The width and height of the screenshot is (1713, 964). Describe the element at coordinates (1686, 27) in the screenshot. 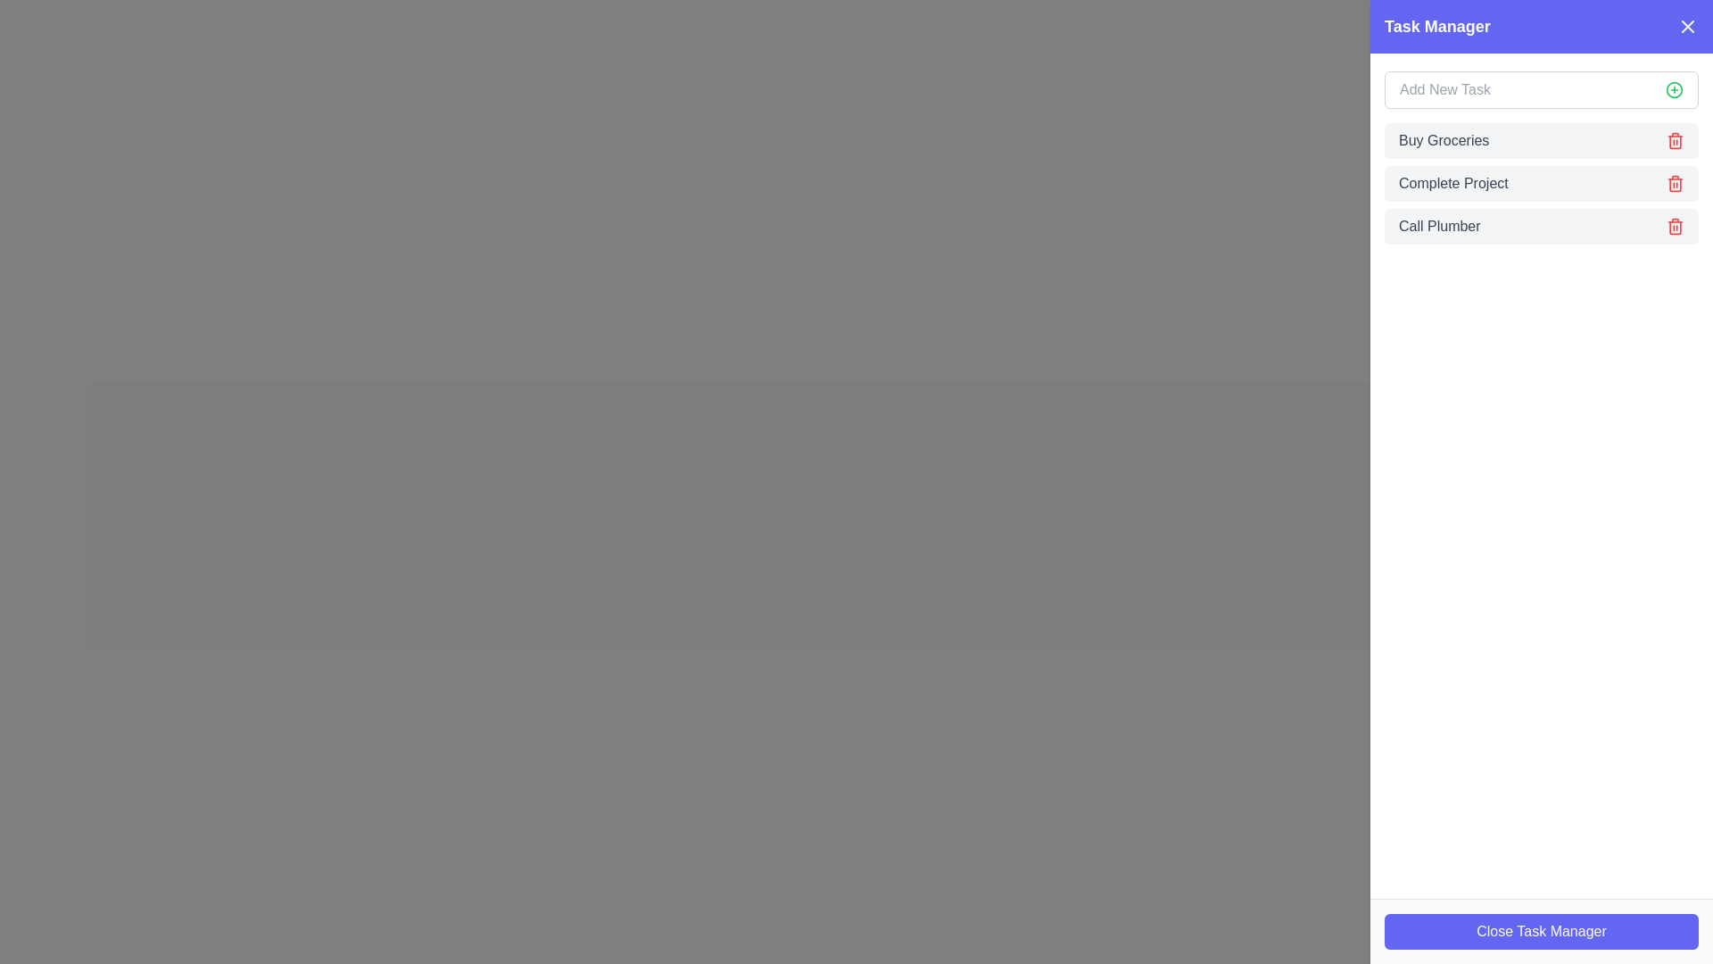

I see `the circular button with an 'X' icon, styled in white on a vibrant purple background, located in the top-right corner of the header containing 'Task Manager'` at that location.